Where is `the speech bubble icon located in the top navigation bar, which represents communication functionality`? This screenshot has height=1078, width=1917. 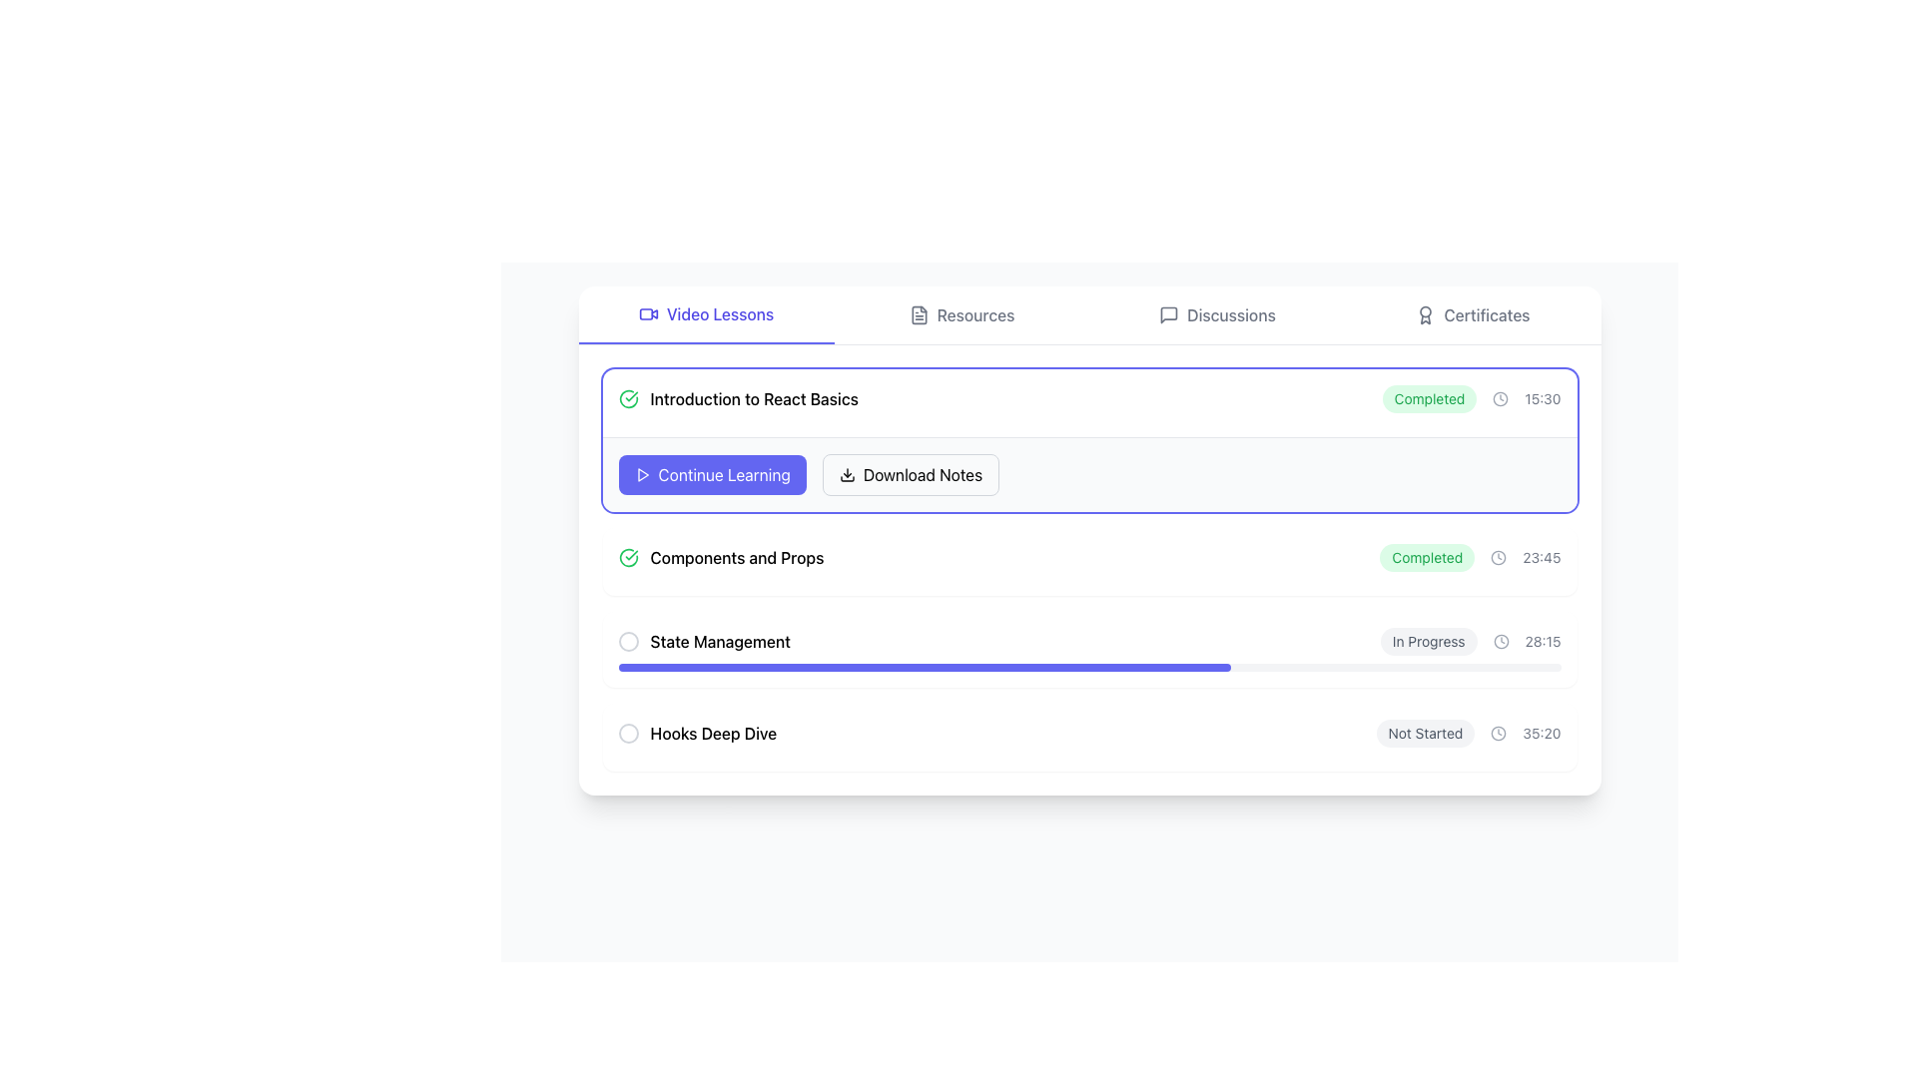 the speech bubble icon located in the top navigation bar, which represents communication functionality is located at coordinates (1169, 314).